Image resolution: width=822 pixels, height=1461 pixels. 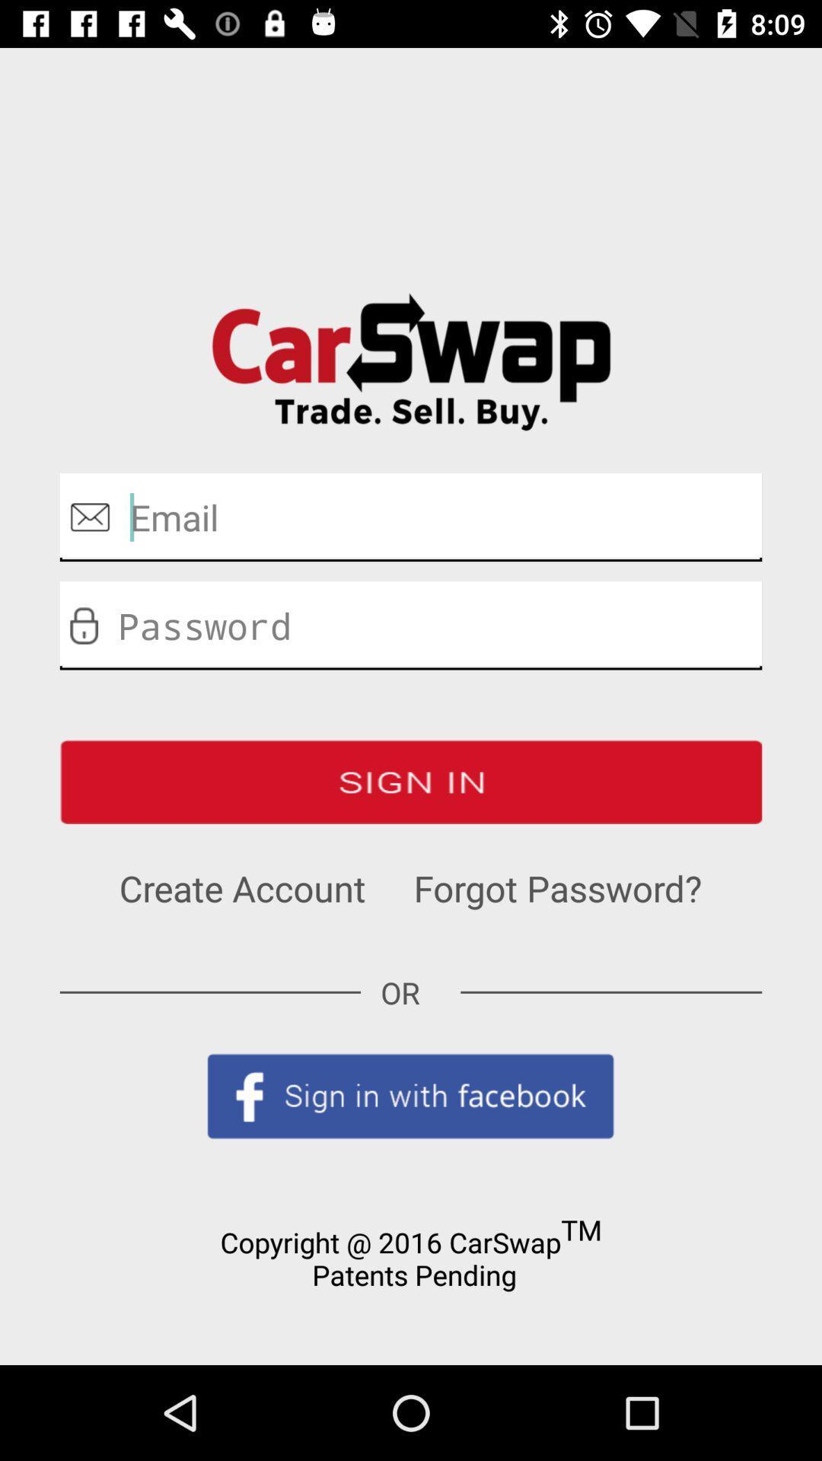 I want to click on press sign in option, so click(x=411, y=781).